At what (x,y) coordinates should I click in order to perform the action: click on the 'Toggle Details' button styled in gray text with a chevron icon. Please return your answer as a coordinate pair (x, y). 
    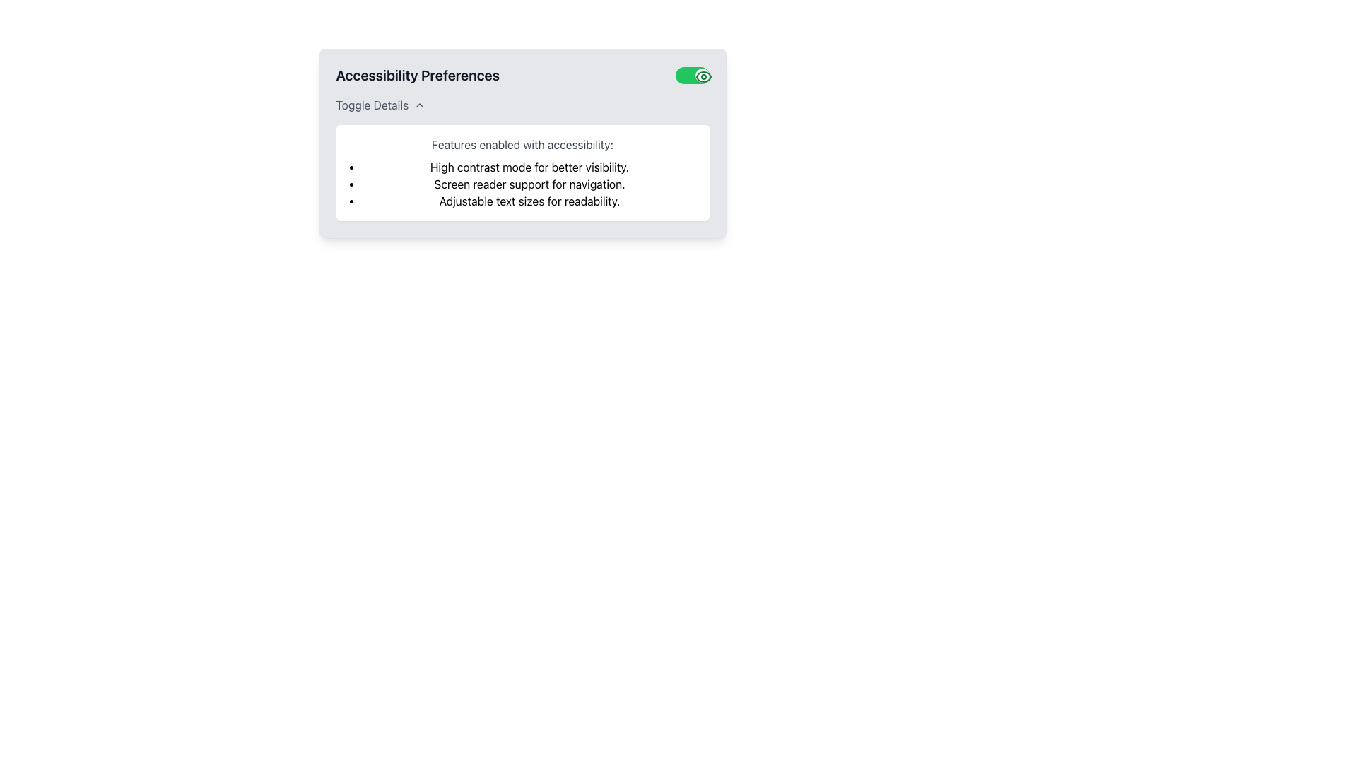
    Looking at the image, I should click on (380, 105).